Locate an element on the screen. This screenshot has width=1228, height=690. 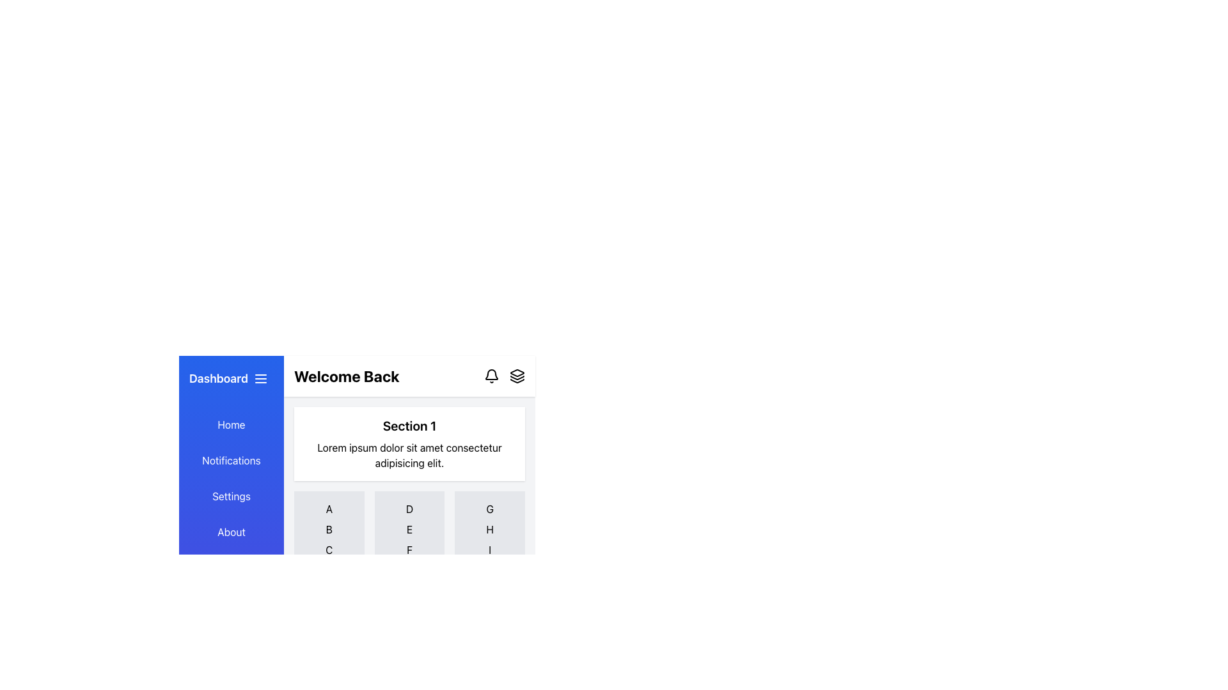
the menu icon represented by three horizontal white lines on a blue background, located to the right of the 'Dashboard' text is located at coordinates (260, 378).